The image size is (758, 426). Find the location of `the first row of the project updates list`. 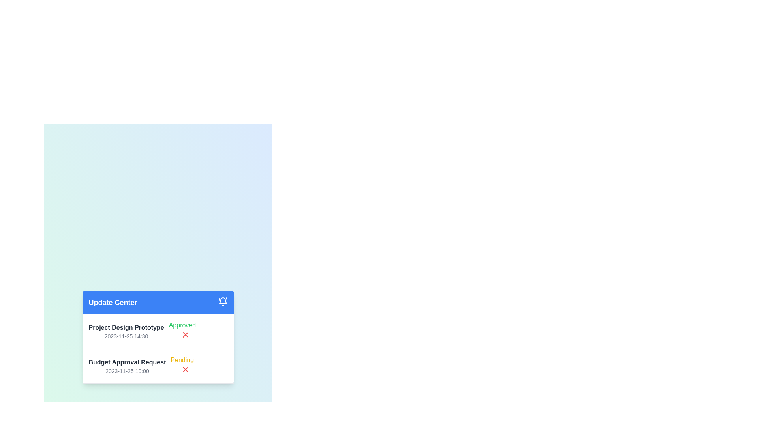

the first row of the project updates list is located at coordinates (158, 331).